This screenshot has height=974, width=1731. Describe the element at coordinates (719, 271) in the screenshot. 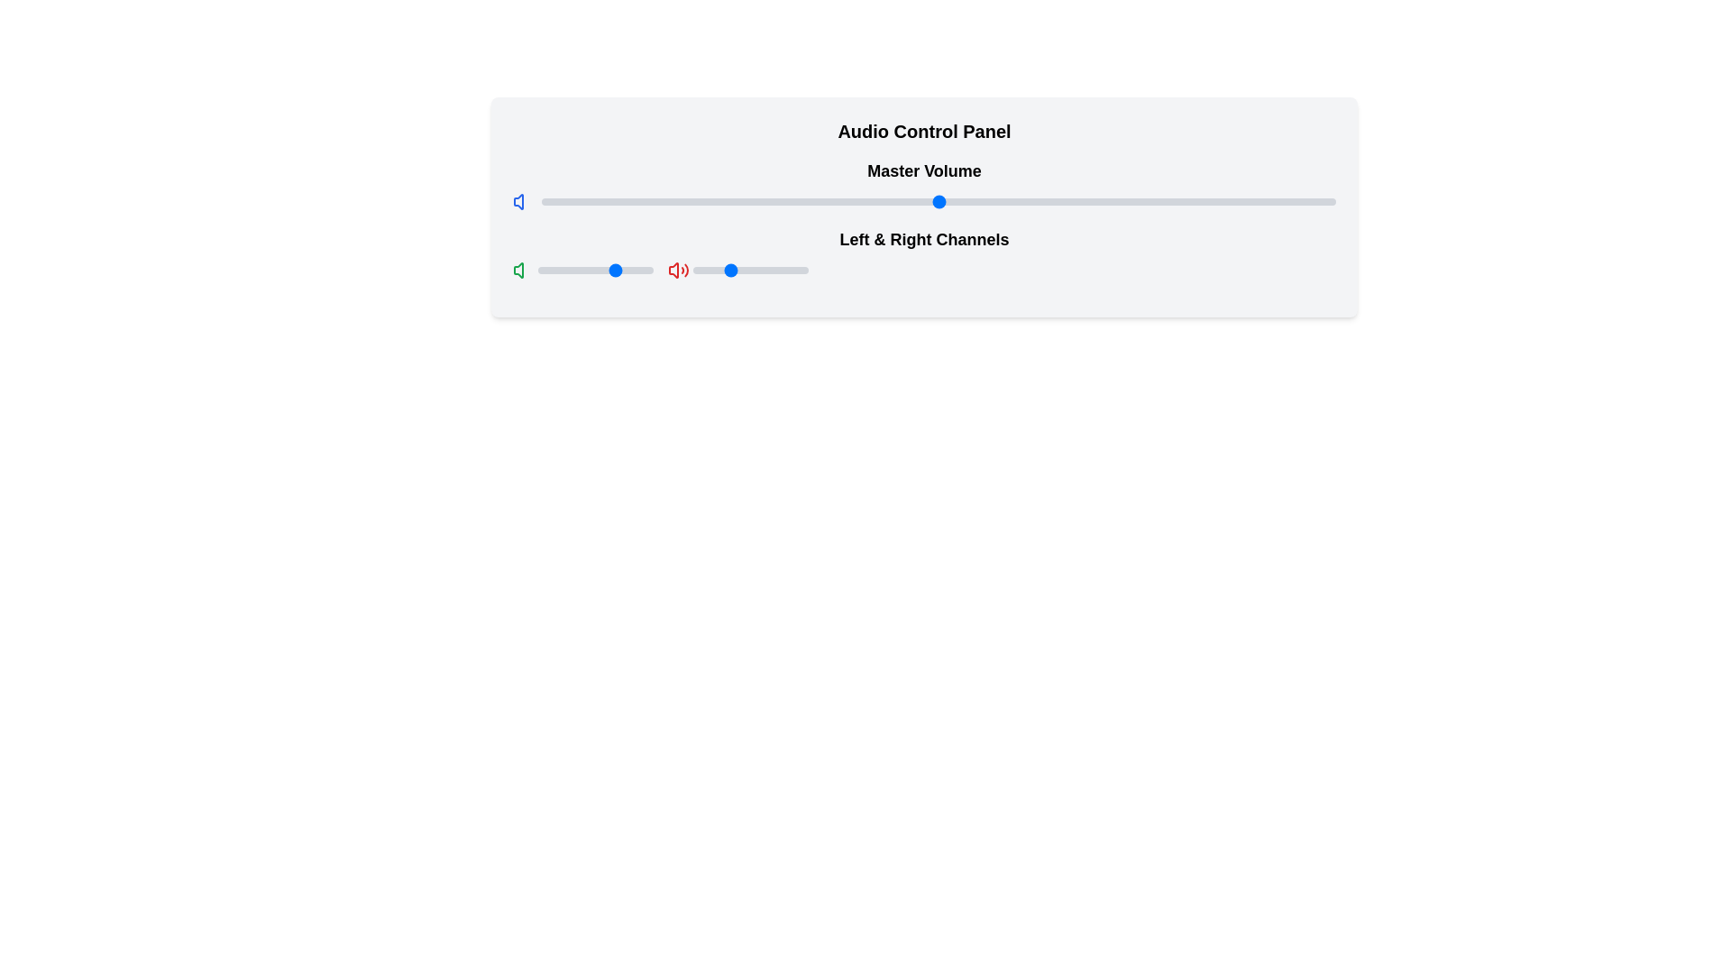

I see `the balance of left and right audio channels` at that location.